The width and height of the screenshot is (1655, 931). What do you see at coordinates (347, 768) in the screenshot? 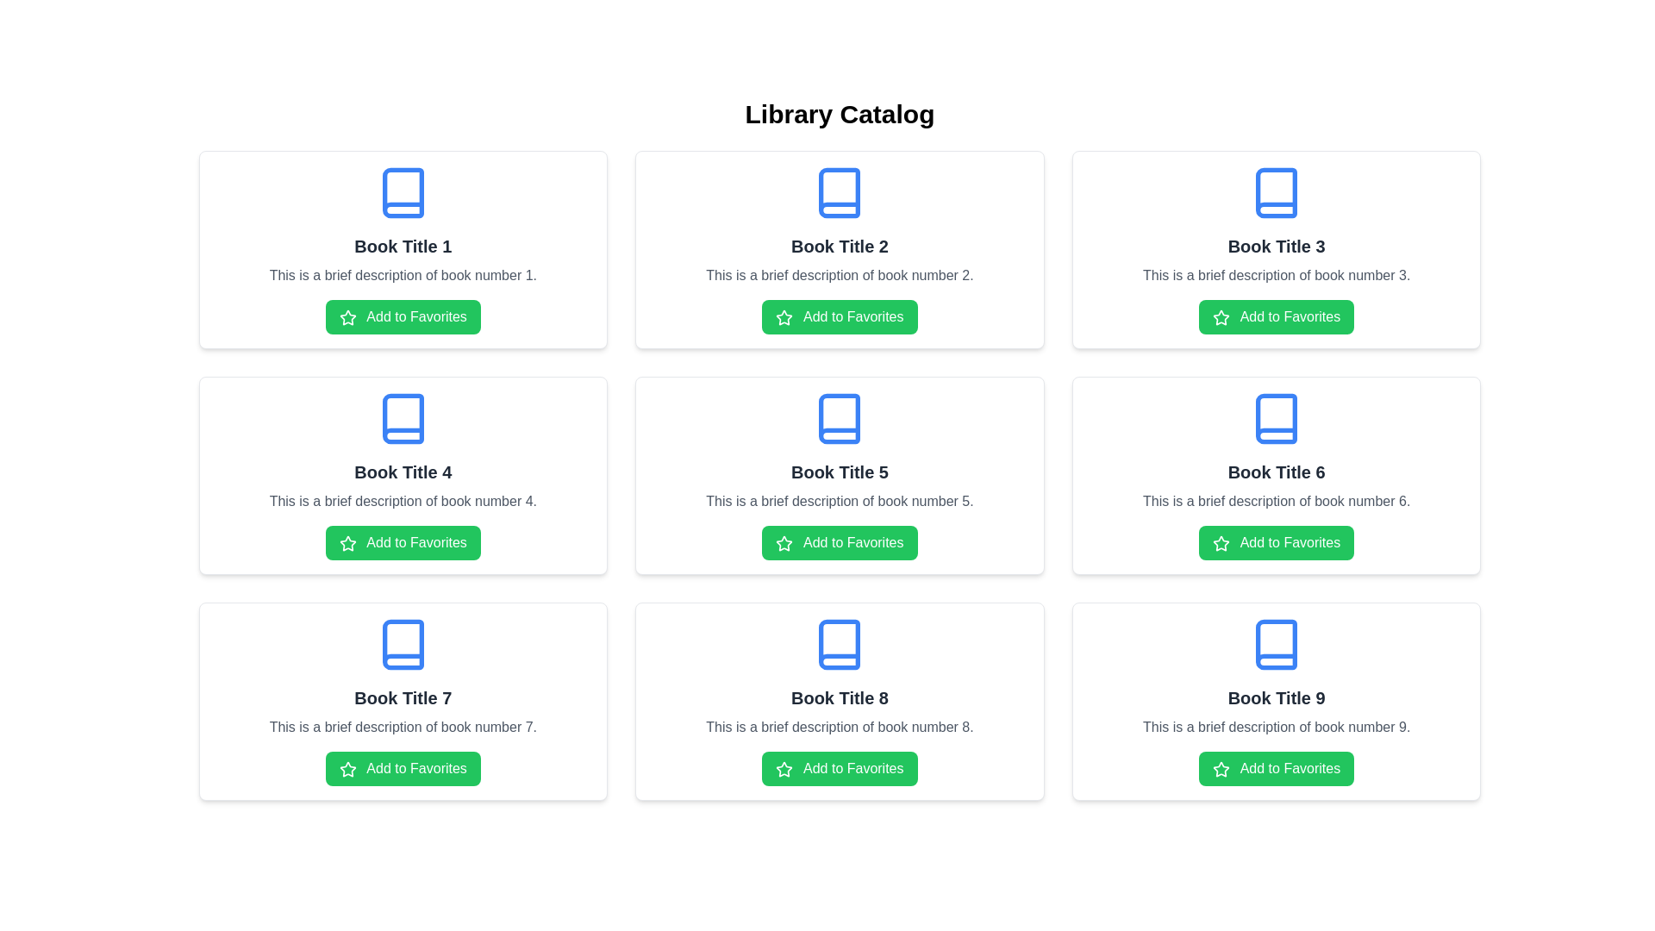
I see `the star-shaped SVG icon within the 'Add to Favorites' button of the 'Book Title 7' card, located in the third row and first column of the grid layout` at bounding box center [347, 768].